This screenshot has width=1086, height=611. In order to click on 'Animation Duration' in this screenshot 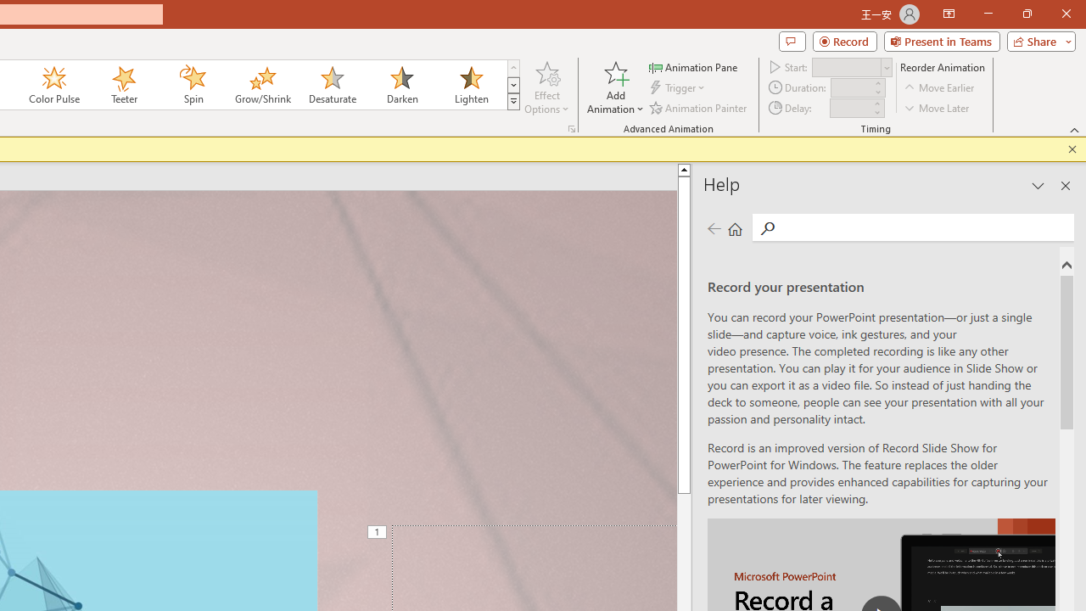, I will do `click(851, 87)`.